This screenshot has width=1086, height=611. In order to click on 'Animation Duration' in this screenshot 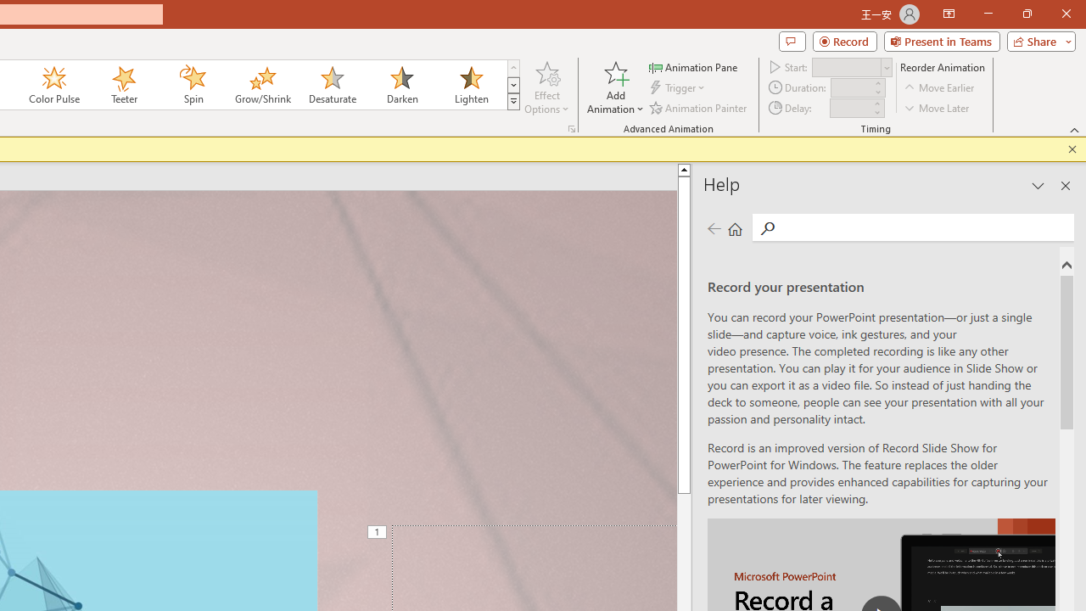, I will do `click(851, 87)`.